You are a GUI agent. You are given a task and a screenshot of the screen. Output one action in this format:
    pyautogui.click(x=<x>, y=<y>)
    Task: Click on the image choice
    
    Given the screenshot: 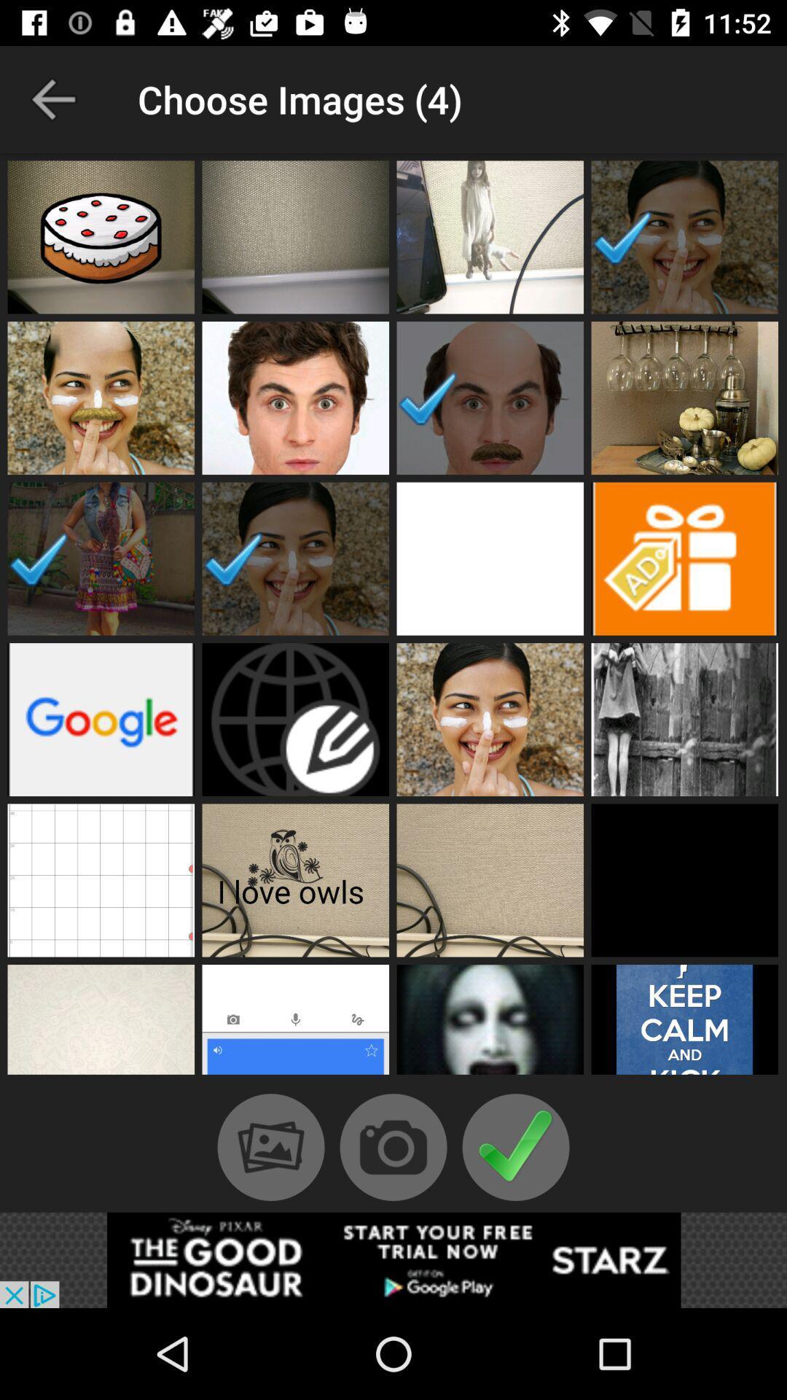 What is the action you would take?
    pyautogui.click(x=100, y=879)
    